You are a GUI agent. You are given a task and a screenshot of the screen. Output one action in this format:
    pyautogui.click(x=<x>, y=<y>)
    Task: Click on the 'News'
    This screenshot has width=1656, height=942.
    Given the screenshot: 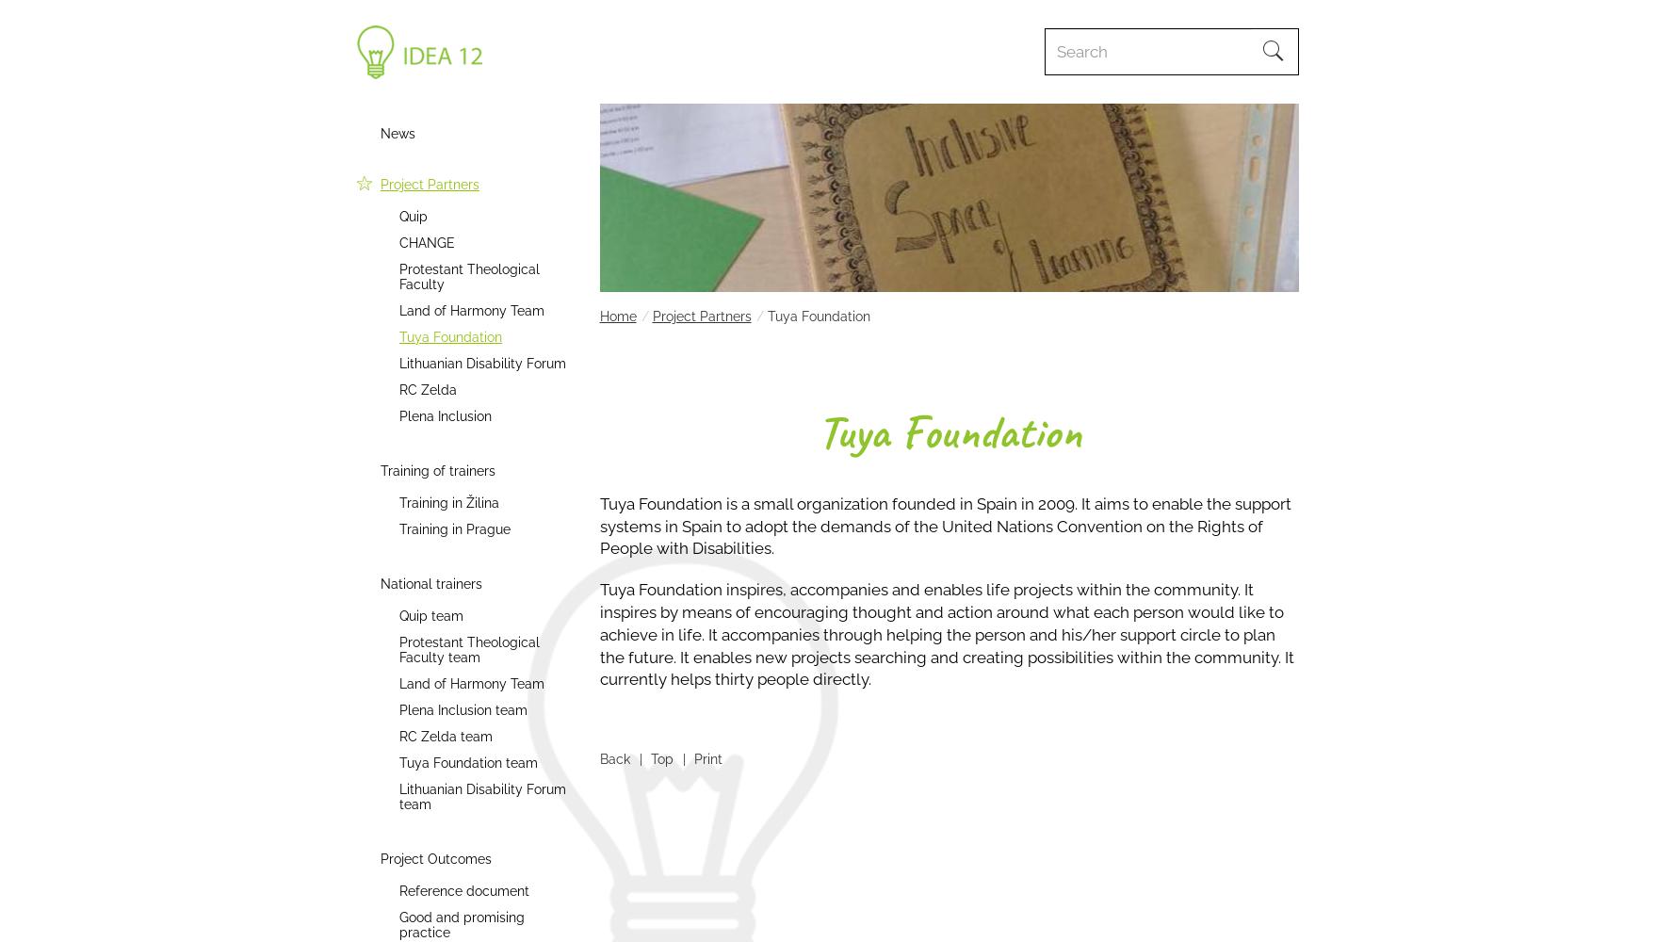 What is the action you would take?
    pyautogui.click(x=398, y=134)
    